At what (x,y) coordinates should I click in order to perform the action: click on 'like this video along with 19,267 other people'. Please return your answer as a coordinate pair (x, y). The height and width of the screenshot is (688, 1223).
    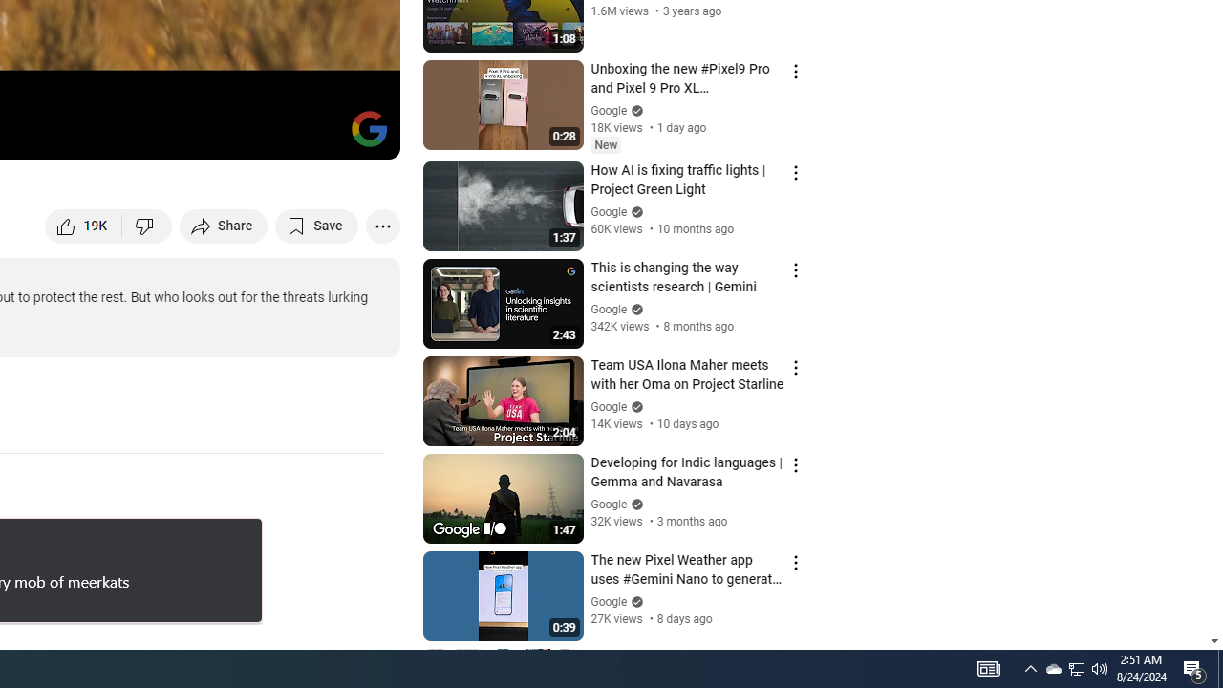
    Looking at the image, I should click on (83, 225).